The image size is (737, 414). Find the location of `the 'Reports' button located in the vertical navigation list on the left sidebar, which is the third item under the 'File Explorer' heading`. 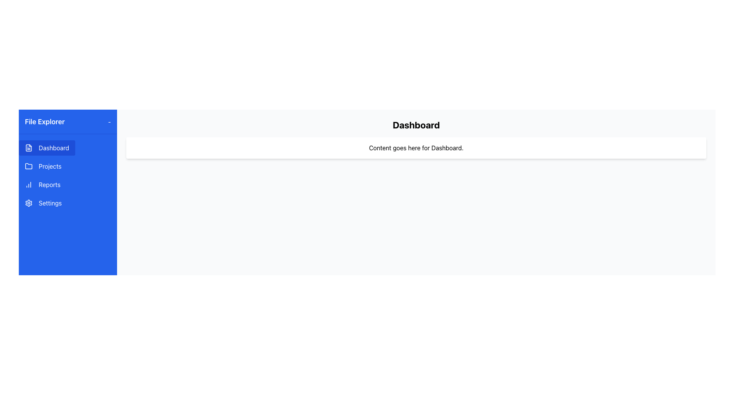

the 'Reports' button located in the vertical navigation list on the left sidebar, which is the third item under the 'File Explorer' heading is located at coordinates (42, 185).